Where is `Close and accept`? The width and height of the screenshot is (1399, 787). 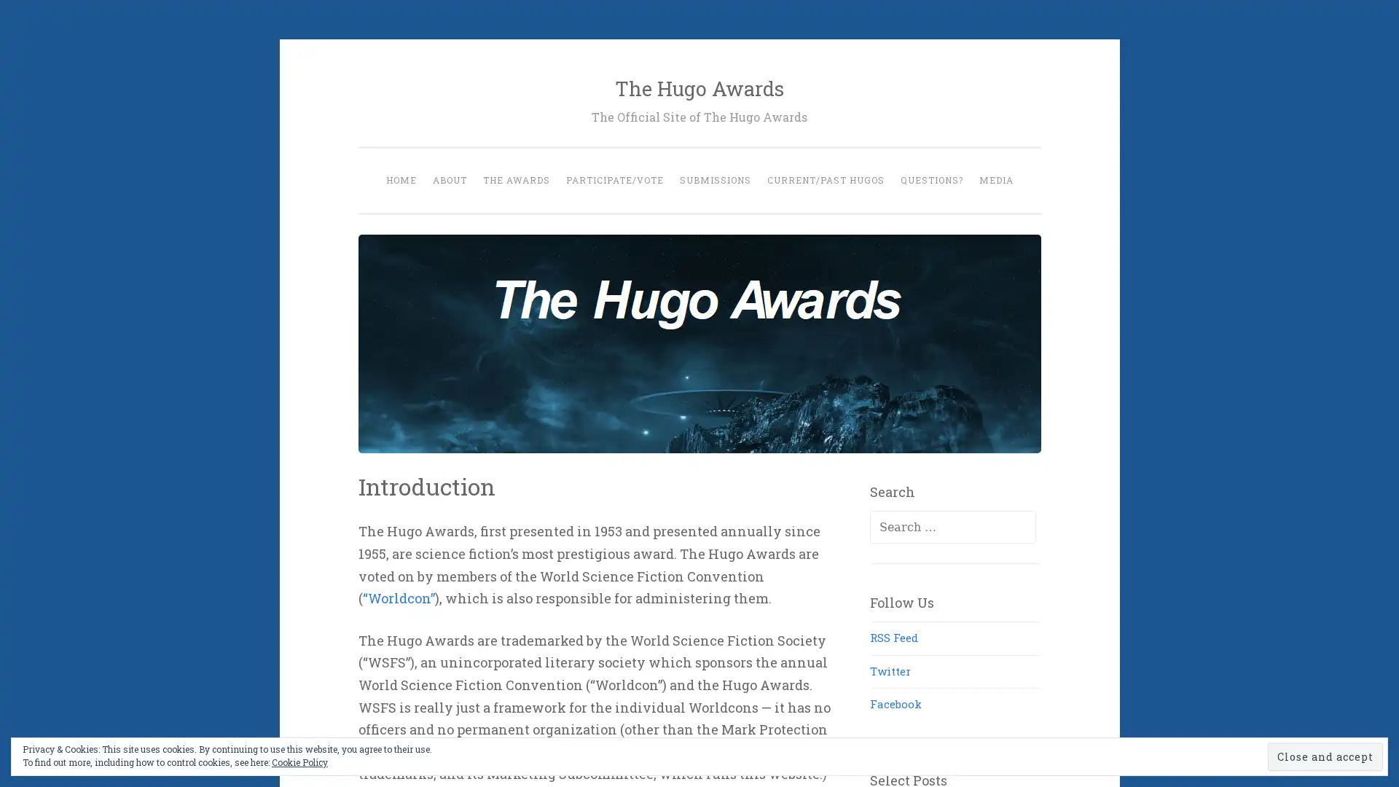
Close and accept is located at coordinates (1325, 756).